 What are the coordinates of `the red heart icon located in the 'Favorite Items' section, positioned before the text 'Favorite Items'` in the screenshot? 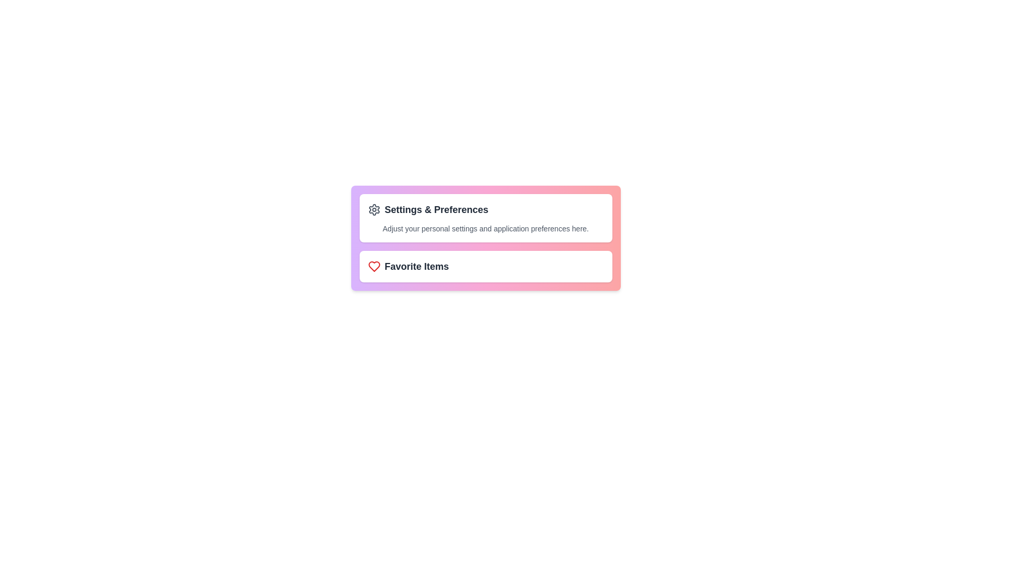 It's located at (374, 266).